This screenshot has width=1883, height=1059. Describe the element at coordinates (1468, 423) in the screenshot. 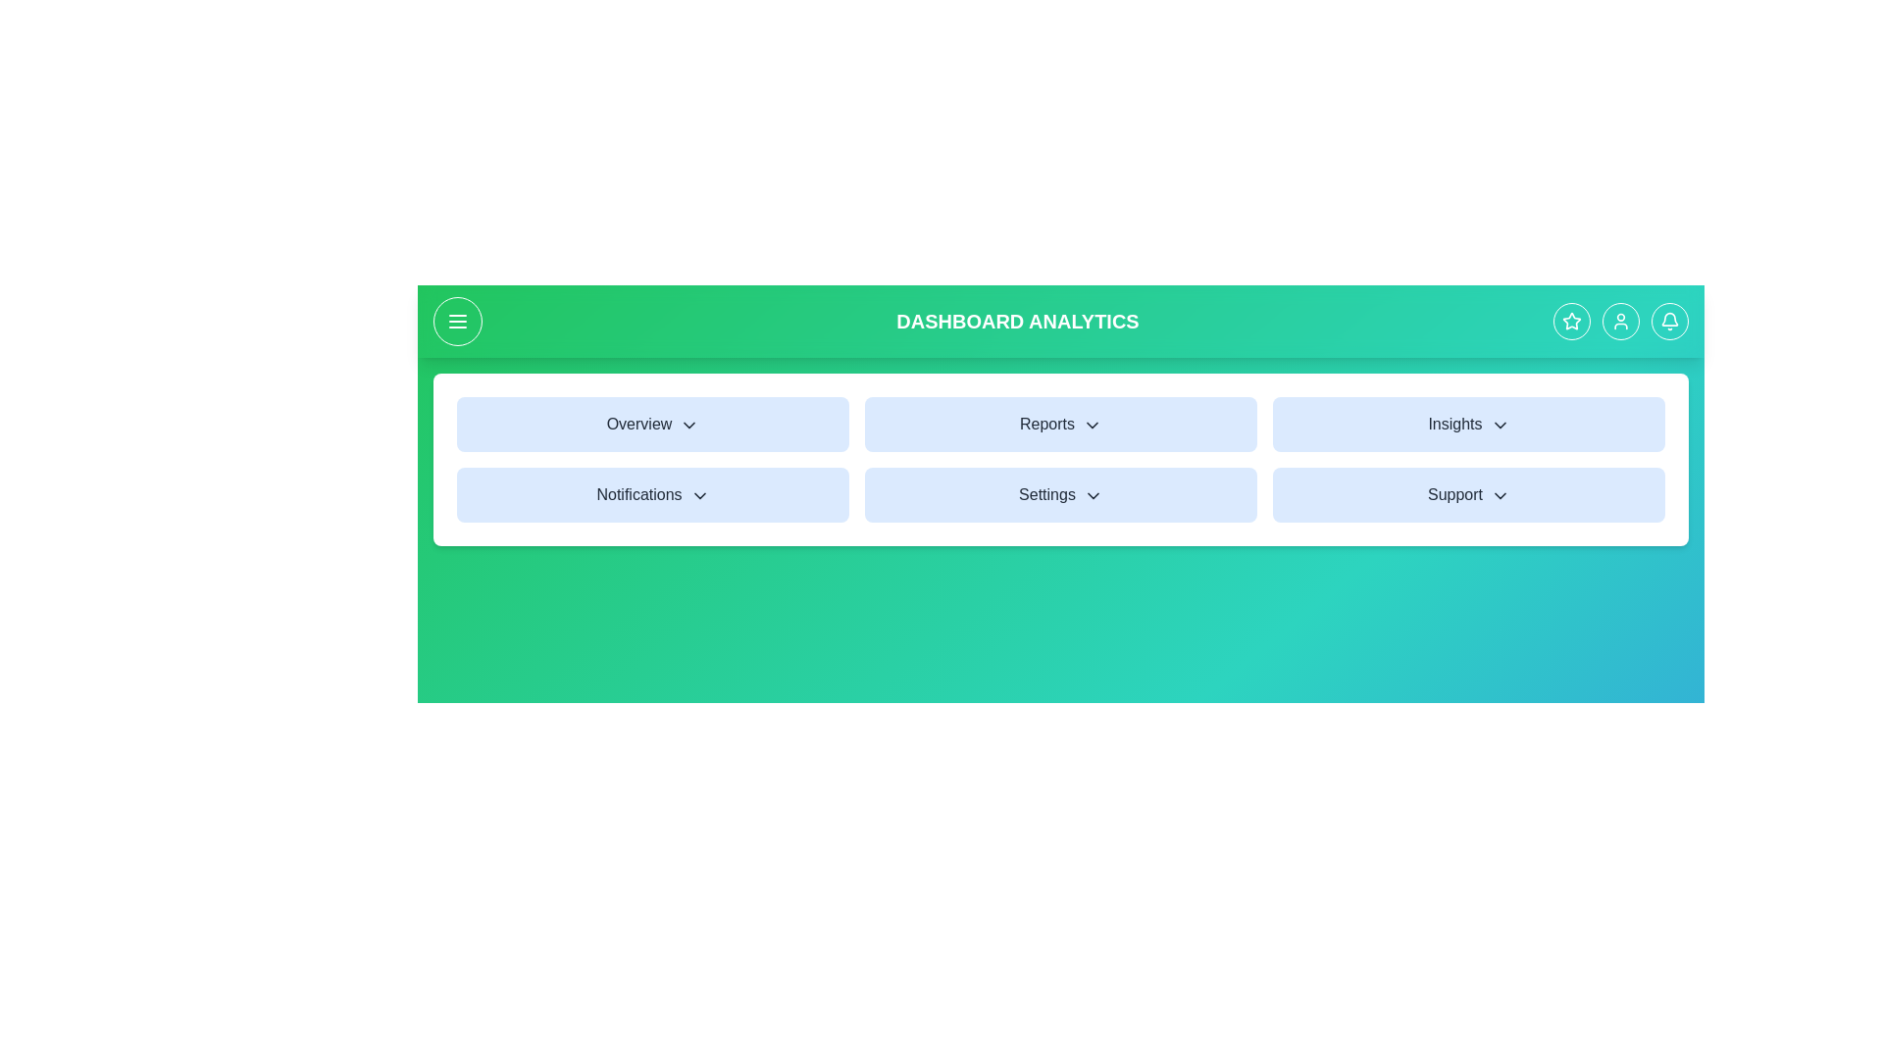

I see `the Insights menu item to open its dropdown` at that location.